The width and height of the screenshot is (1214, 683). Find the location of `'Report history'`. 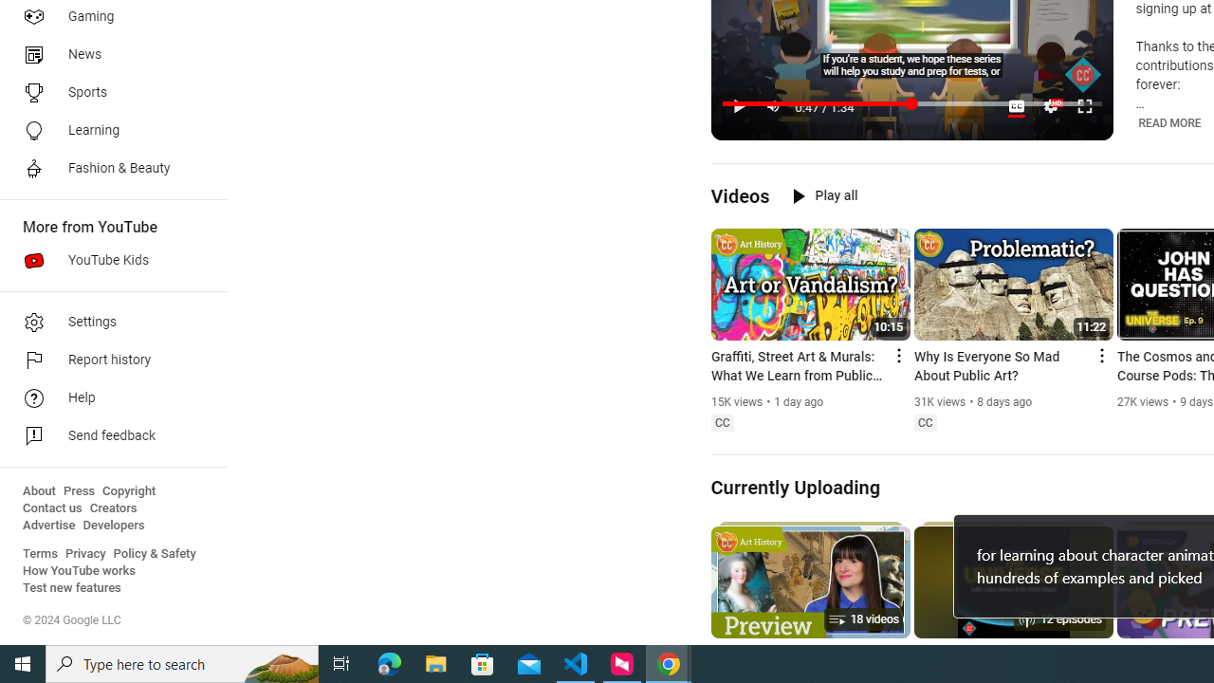

'Report history' is located at coordinates (106, 360).